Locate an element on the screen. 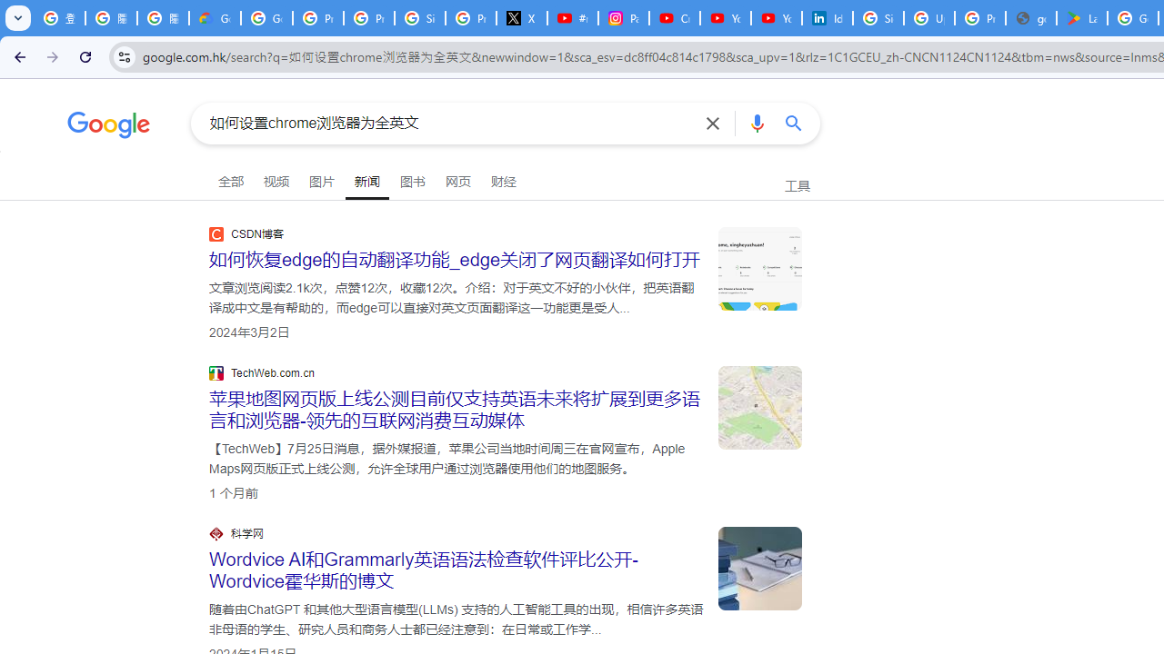  'Google Cloud Privacy Notice' is located at coordinates (215, 18).